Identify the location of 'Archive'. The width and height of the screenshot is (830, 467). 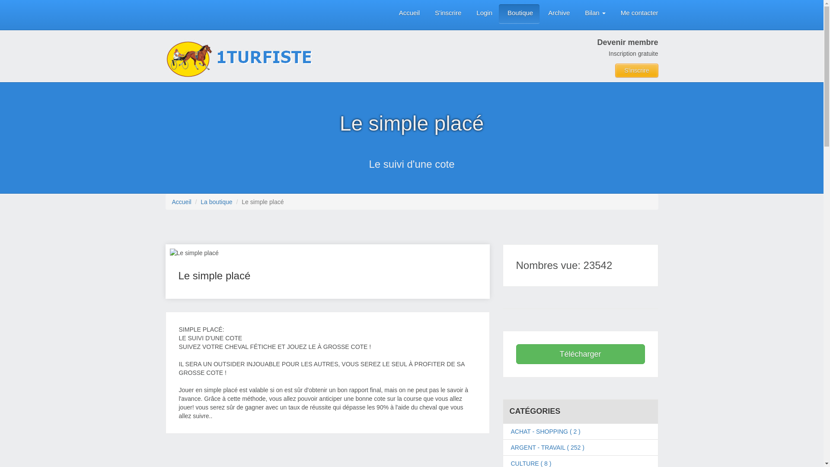
(558, 14).